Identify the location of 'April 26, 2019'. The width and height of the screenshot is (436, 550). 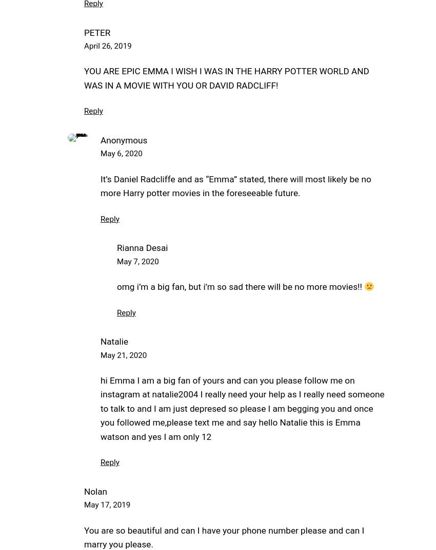
(107, 46).